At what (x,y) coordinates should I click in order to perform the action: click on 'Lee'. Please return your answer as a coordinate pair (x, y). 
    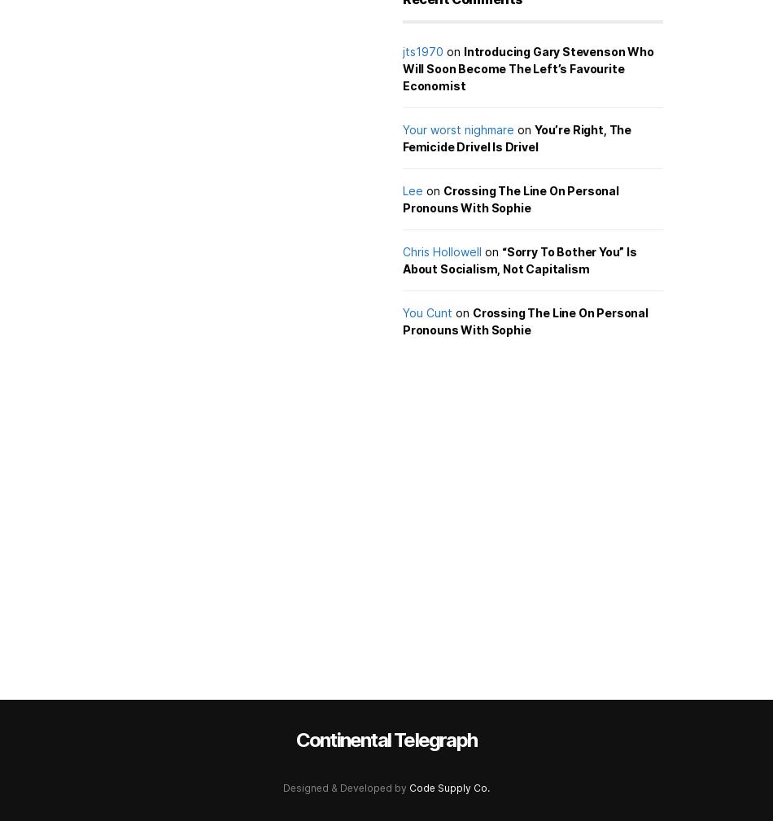
    Looking at the image, I should click on (413, 190).